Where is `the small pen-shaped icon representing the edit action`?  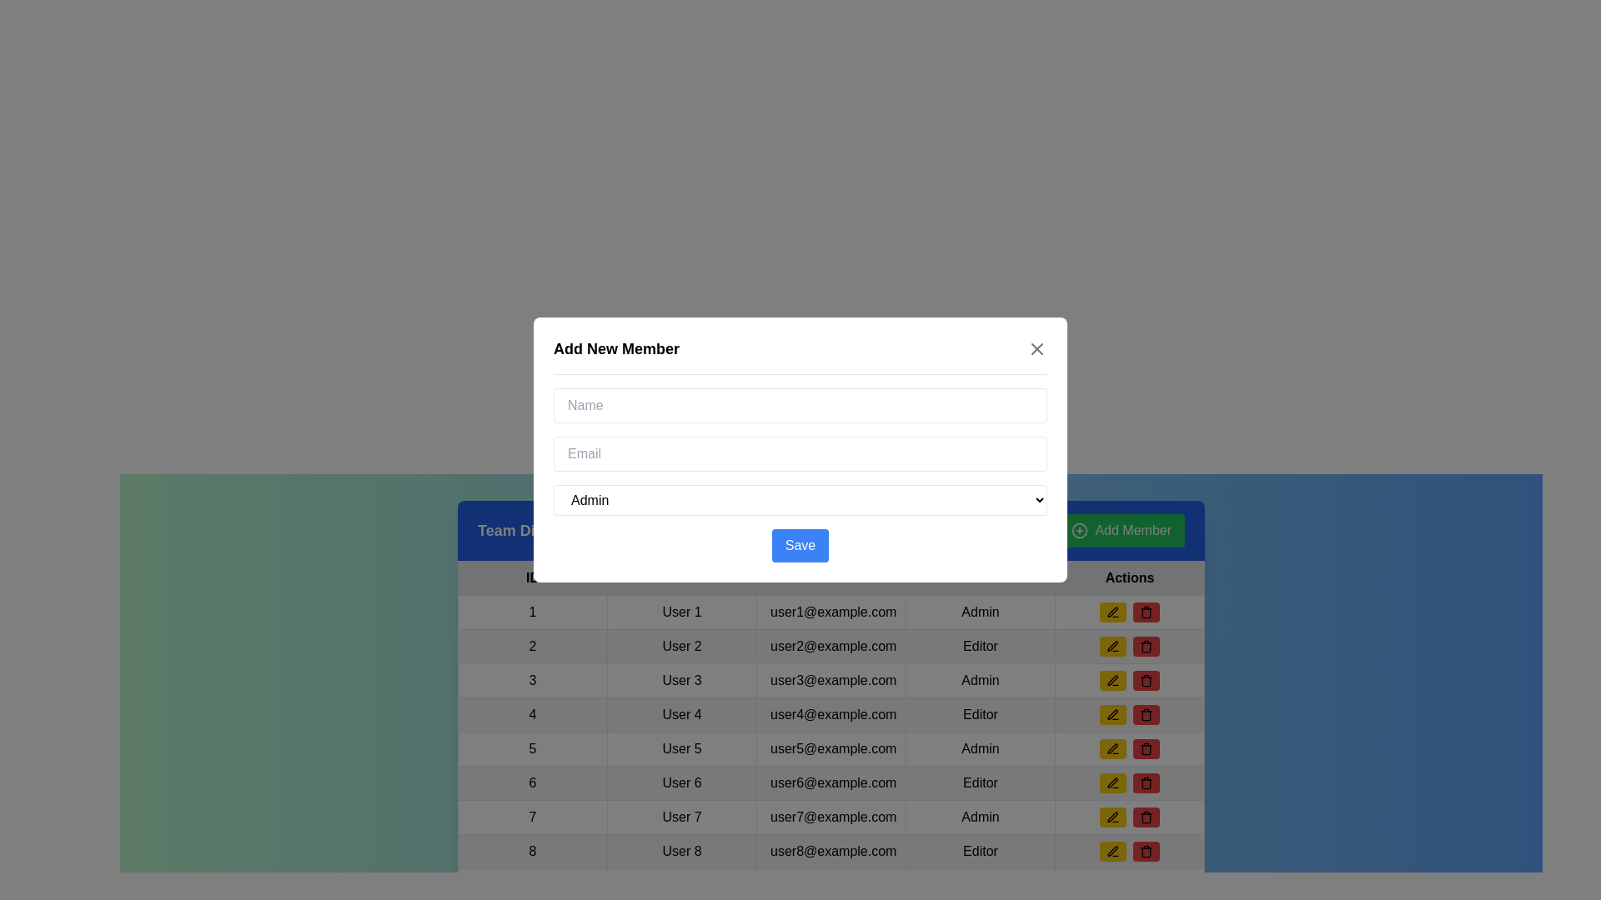
the small pen-shaped icon representing the edit action is located at coordinates (1112, 852).